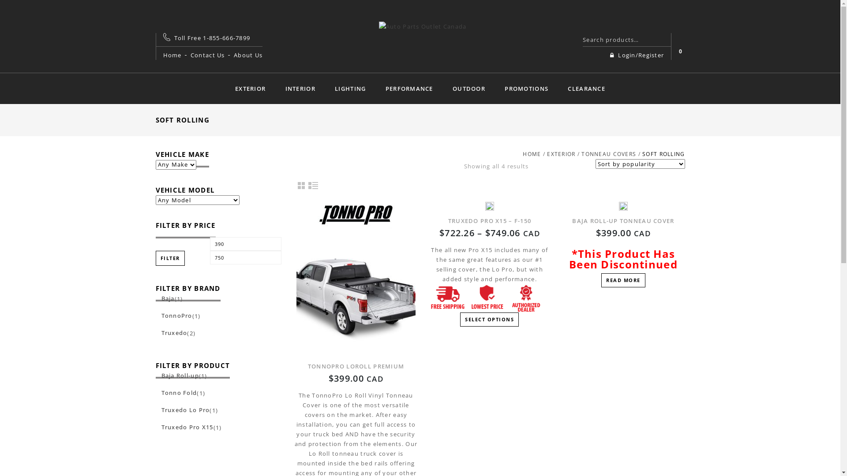 The width and height of the screenshot is (847, 476). Describe the element at coordinates (172, 55) in the screenshot. I see `'Home'` at that location.